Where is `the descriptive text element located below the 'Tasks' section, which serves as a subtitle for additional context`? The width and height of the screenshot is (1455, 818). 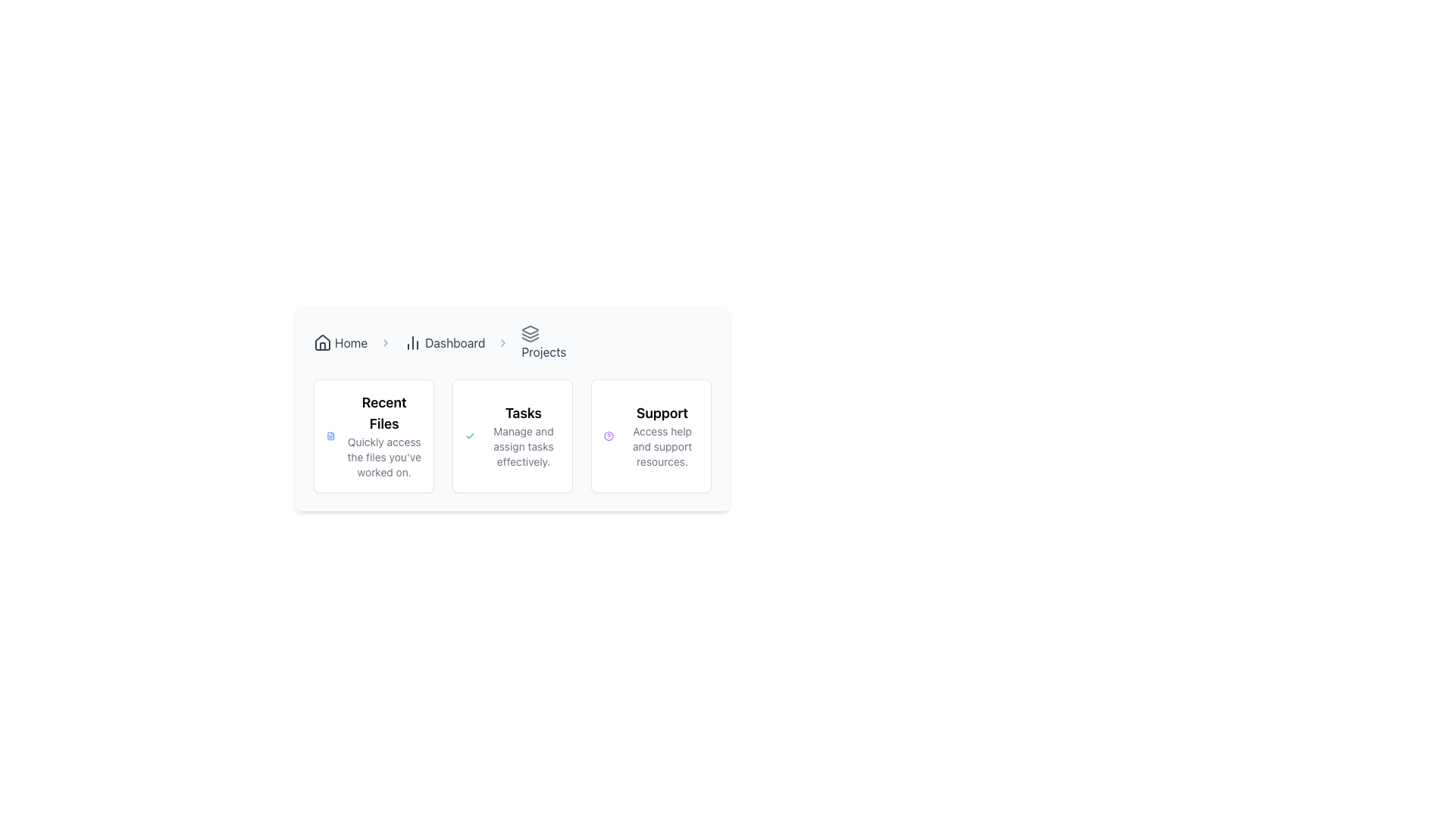
the descriptive text element located below the 'Tasks' section, which serves as a subtitle for additional context is located at coordinates (524, 446).